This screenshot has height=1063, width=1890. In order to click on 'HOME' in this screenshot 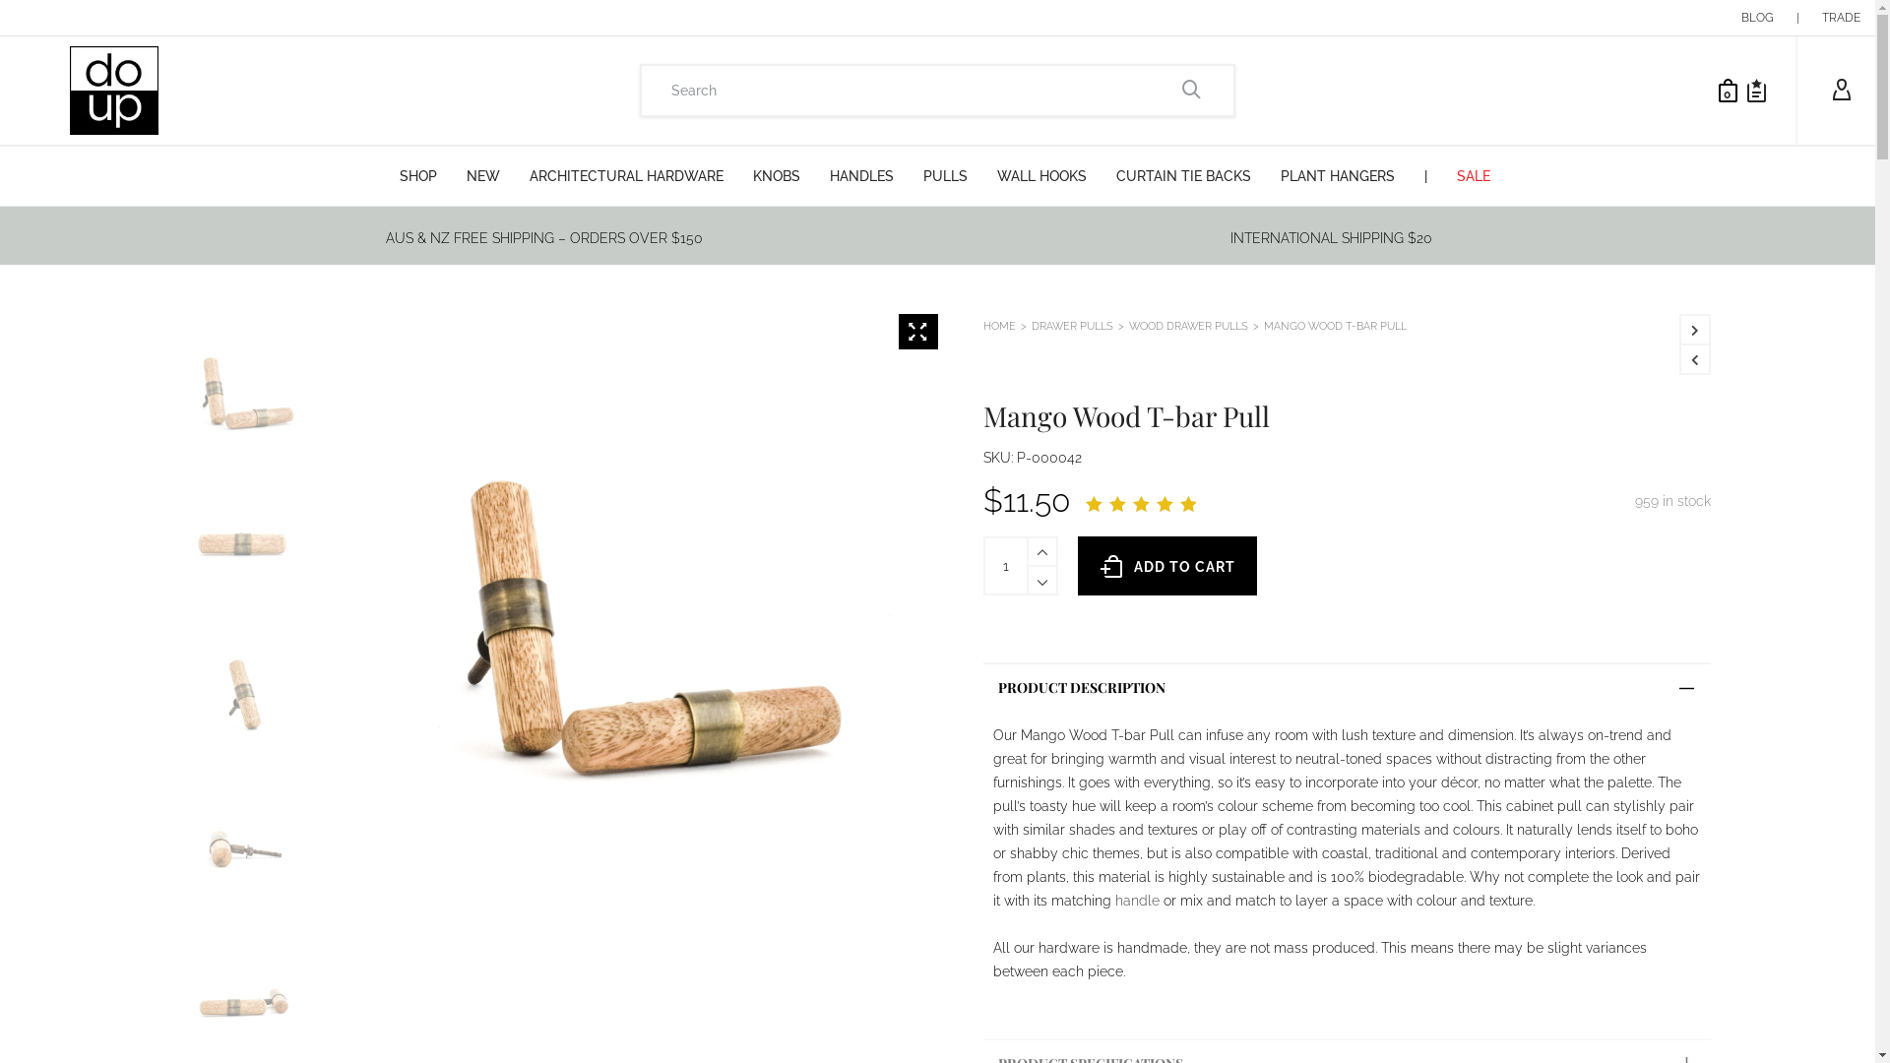, I will do `click(999, 325)`.